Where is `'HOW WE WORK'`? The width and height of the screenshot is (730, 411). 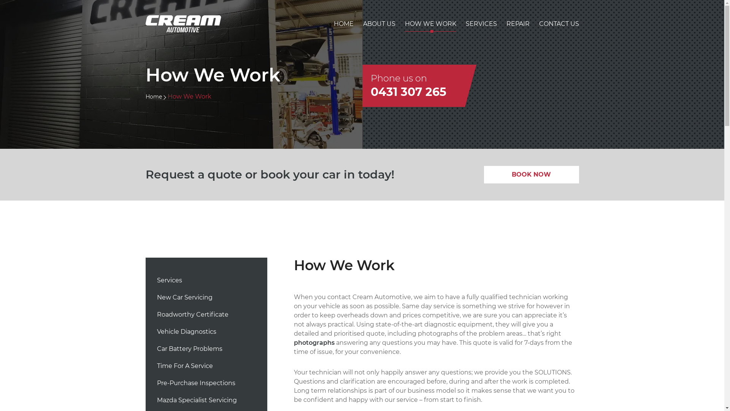
'HOW WE WORK' is located at coordinates (430, 26).